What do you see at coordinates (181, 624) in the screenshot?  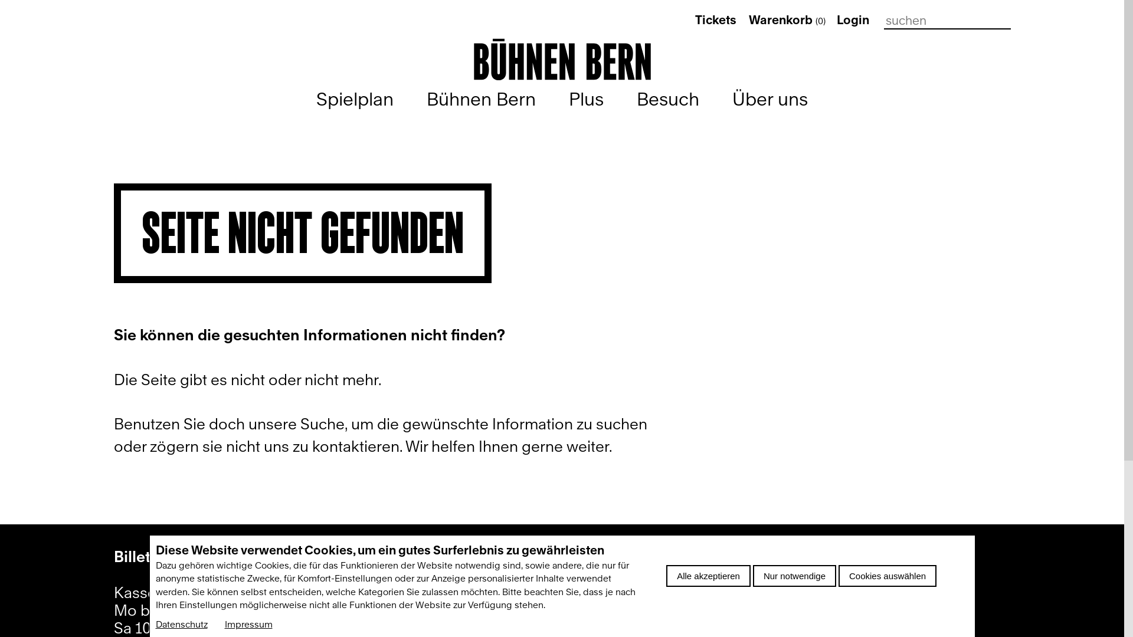 I see `'Datenschutz'` at bounding box center [181, 624].